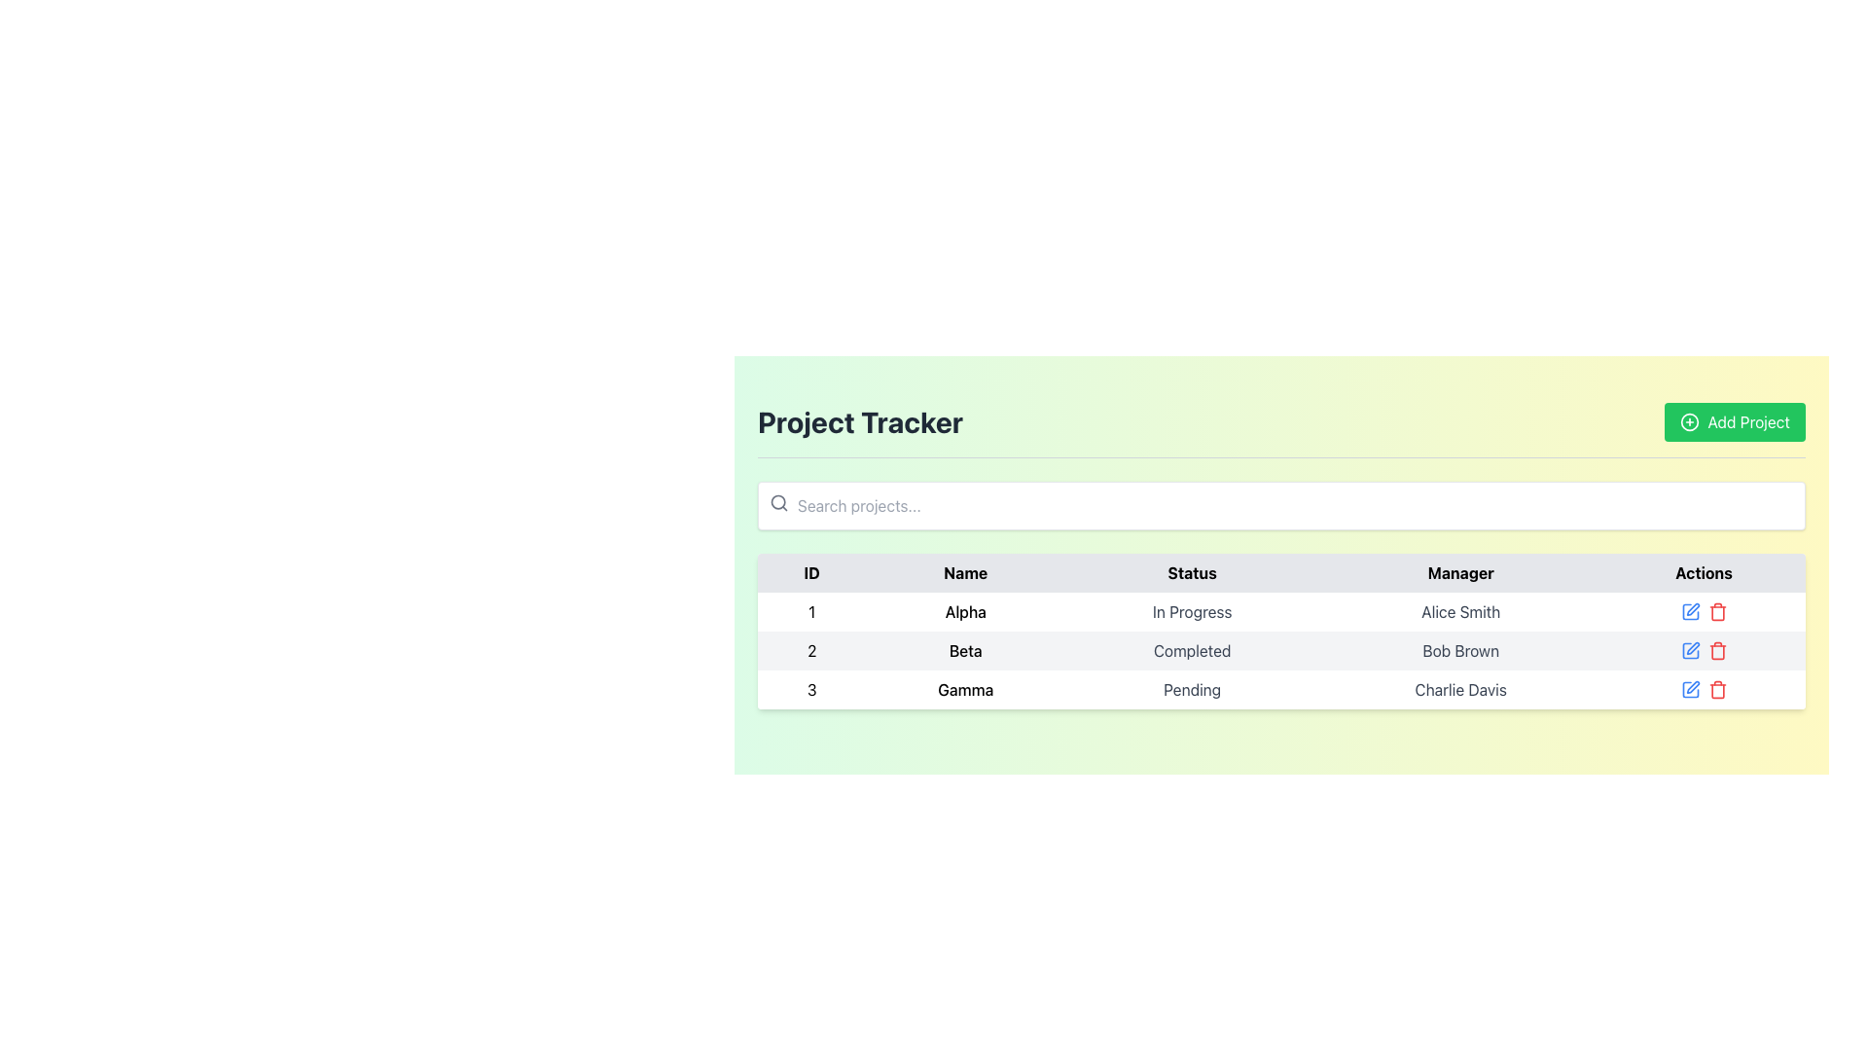 Image resolution: width=1868 pixels, height=1051 pixels. I want to click on the green rectangular 'Add Project' button with a plus sign icon, so click(1735, 421).